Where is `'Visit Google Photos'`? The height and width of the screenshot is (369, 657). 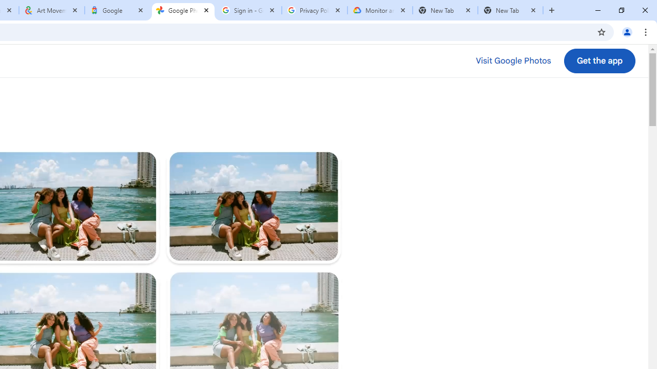 'Visit Google Photos' is located at coordinates (513, 61).